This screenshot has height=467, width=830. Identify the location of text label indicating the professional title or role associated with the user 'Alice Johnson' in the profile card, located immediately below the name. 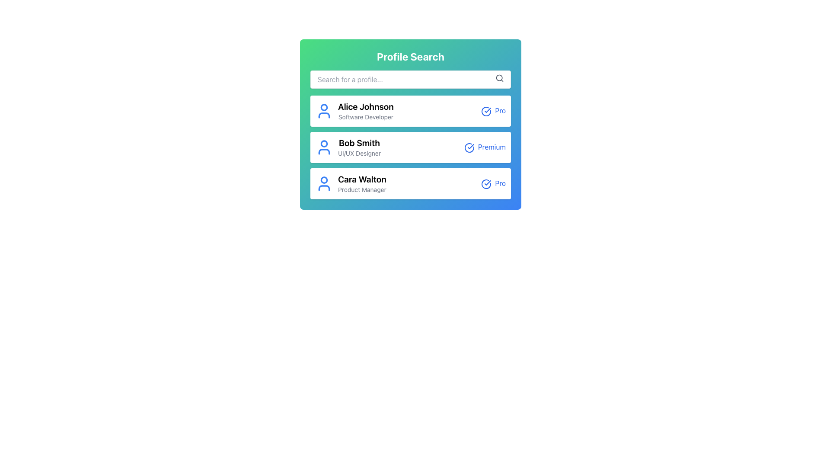
(366, 117).